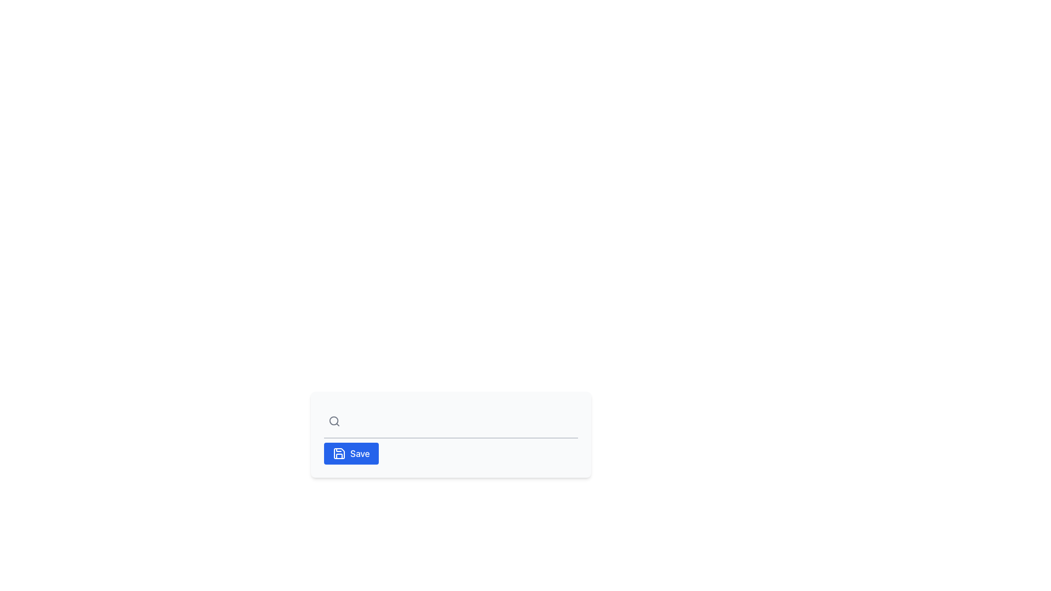 The width and height of the screenshot is (1051, 591). Describe the element at coordinates (351, 454) in the screenshot. I see `the blue 'Save' button with a white disk icon` at that location.